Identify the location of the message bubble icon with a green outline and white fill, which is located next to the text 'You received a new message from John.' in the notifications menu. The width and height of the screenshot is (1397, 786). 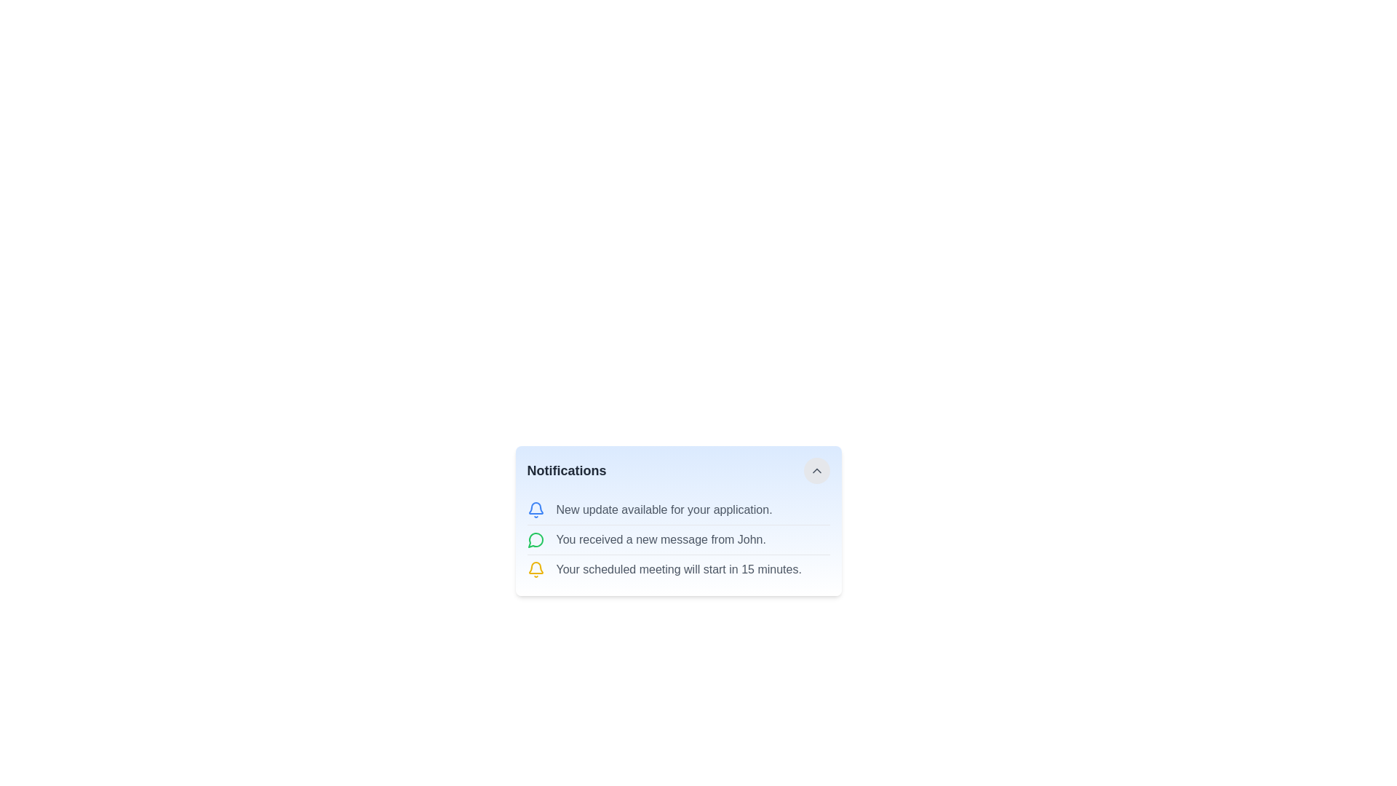
(535, 539).